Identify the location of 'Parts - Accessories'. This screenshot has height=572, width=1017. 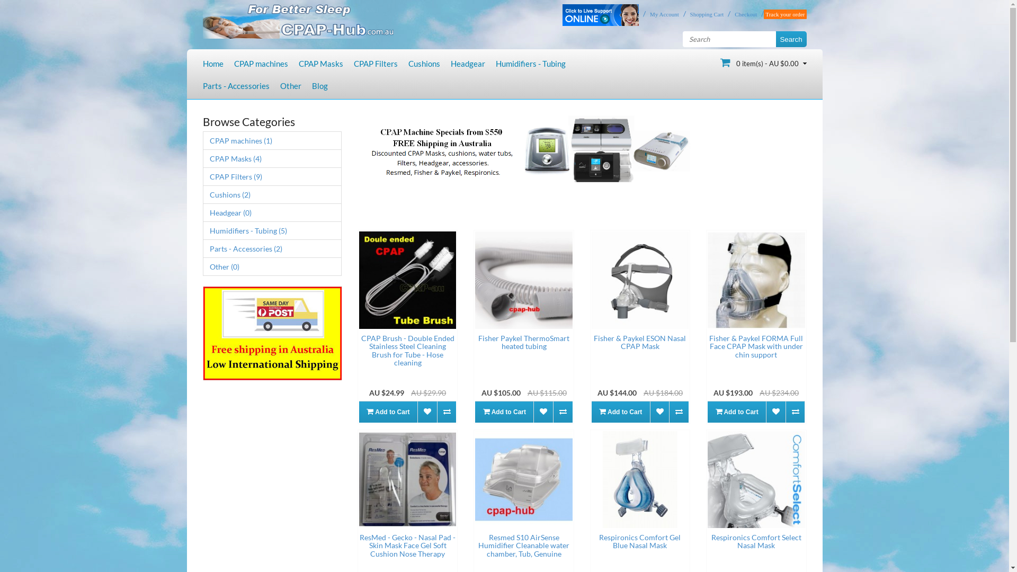
(235, 85).